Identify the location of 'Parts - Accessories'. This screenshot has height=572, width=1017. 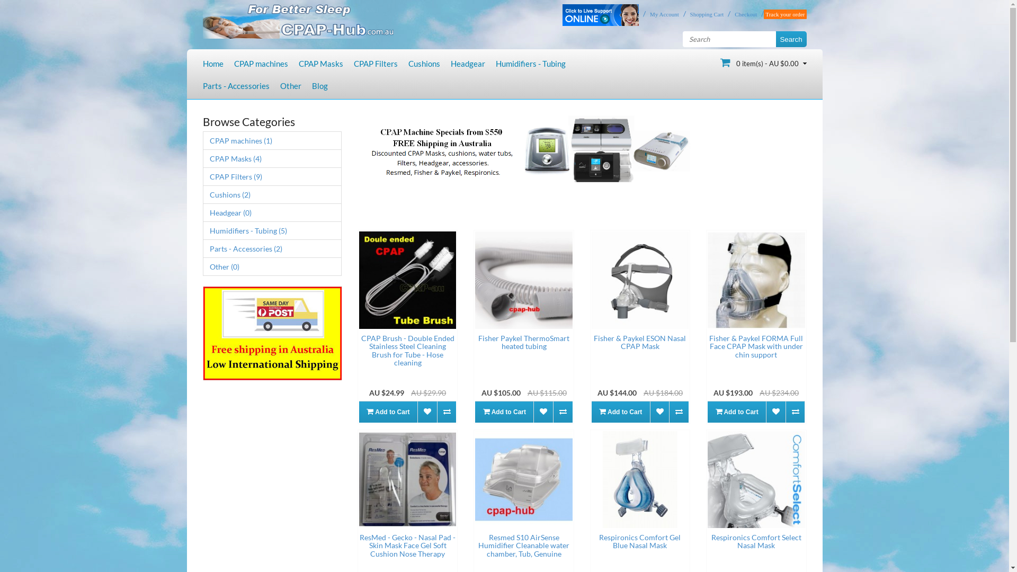
(235, 85).